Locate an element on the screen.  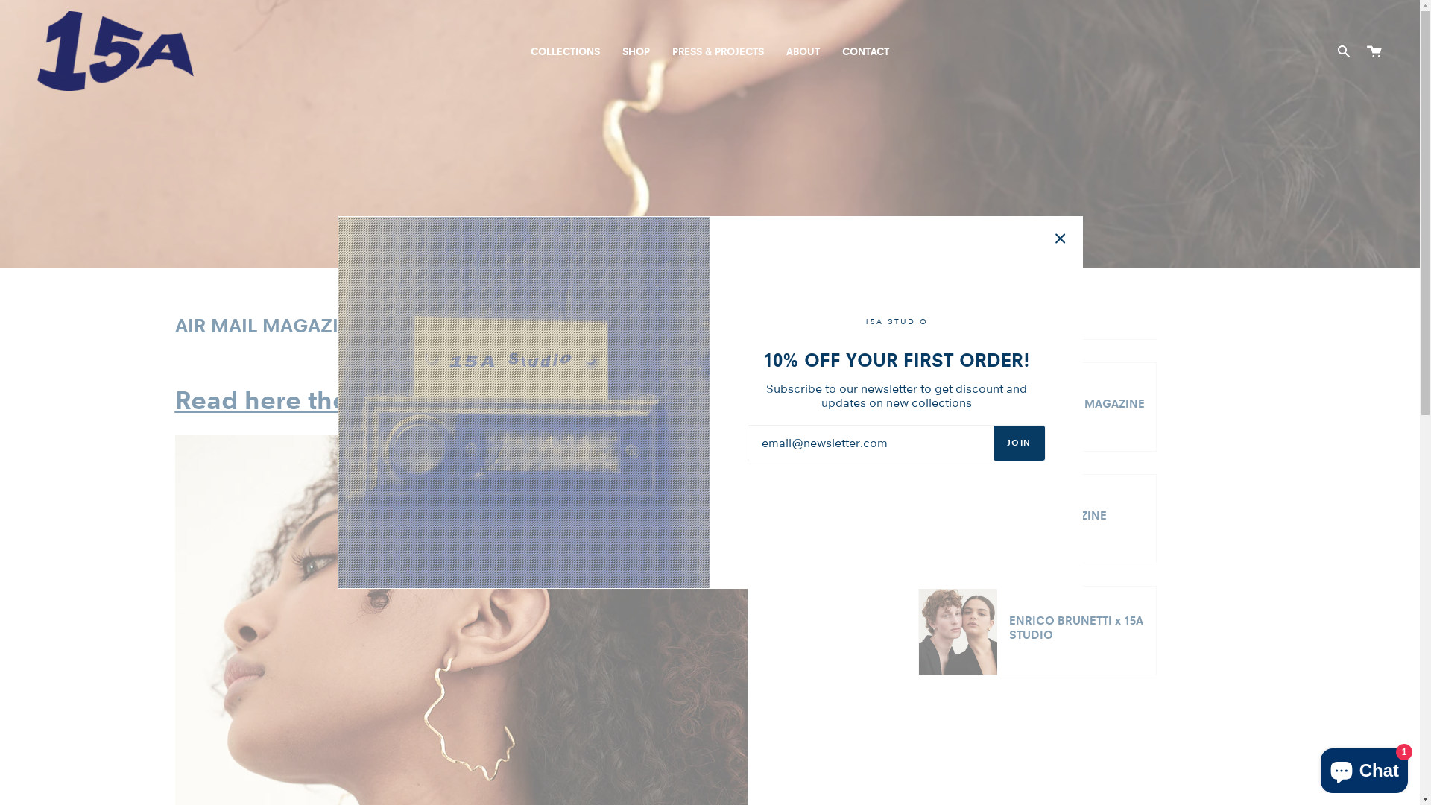
'JOIN' is located at coordinates (1018, 442).